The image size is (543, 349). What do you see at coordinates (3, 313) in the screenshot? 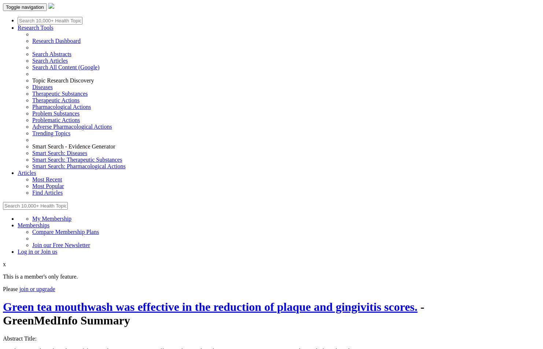
I see `'- GreenMedInfo Summary'` at bounding box center [3, 313].